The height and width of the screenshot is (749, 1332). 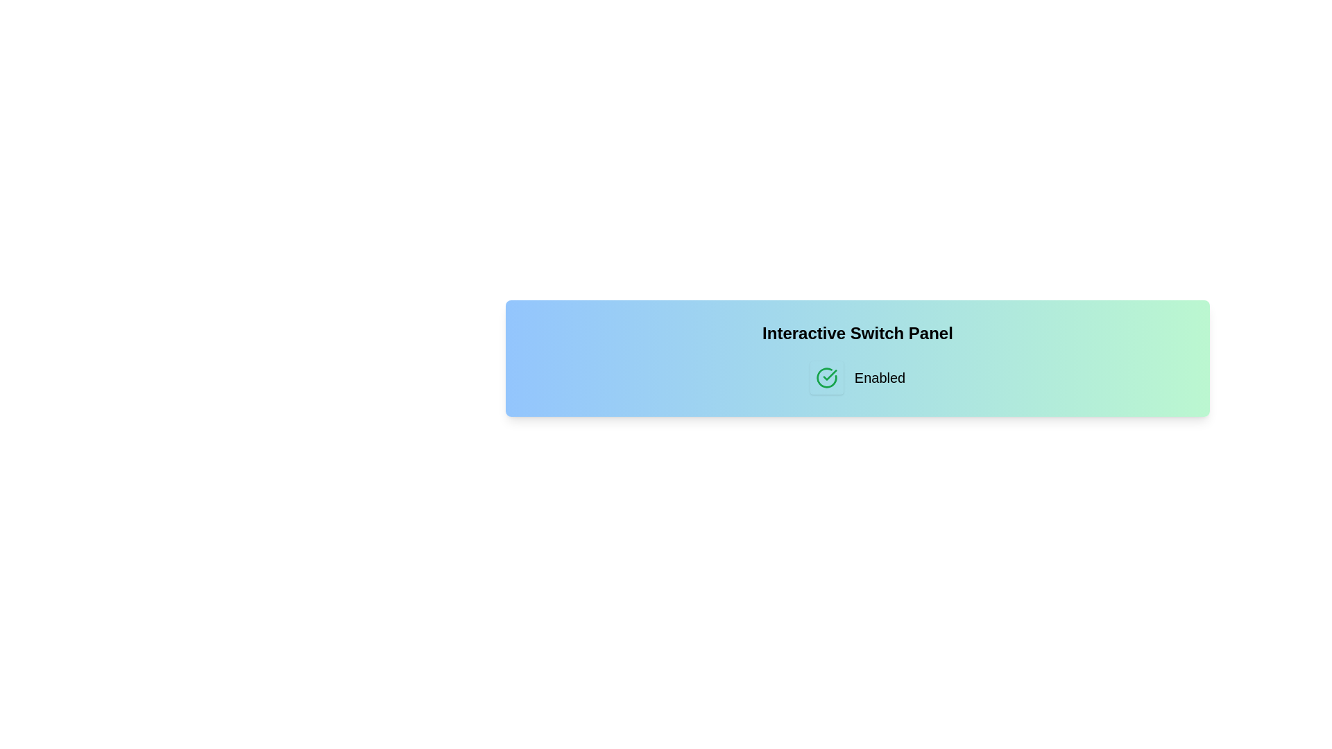 I want to click on the switch button to toggle its state, so click(x=826, y=377).